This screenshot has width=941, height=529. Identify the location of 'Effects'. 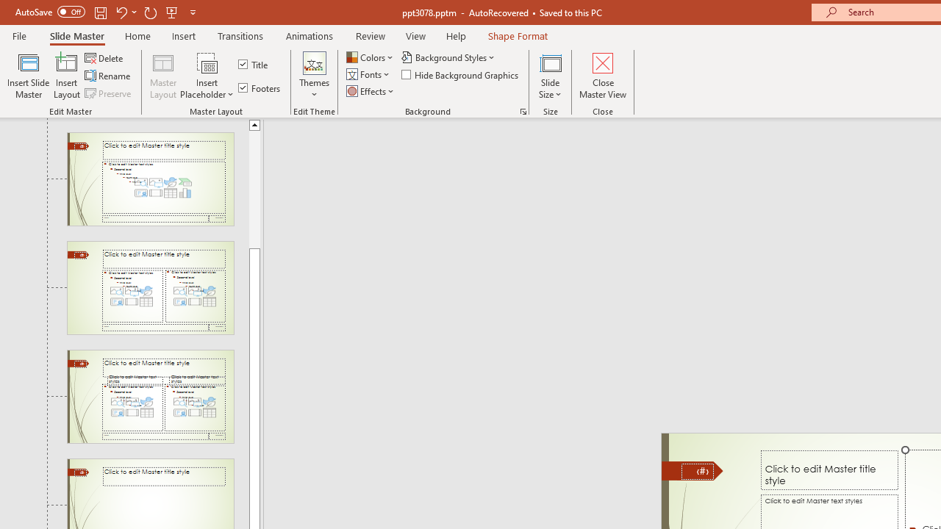
(371, 91).